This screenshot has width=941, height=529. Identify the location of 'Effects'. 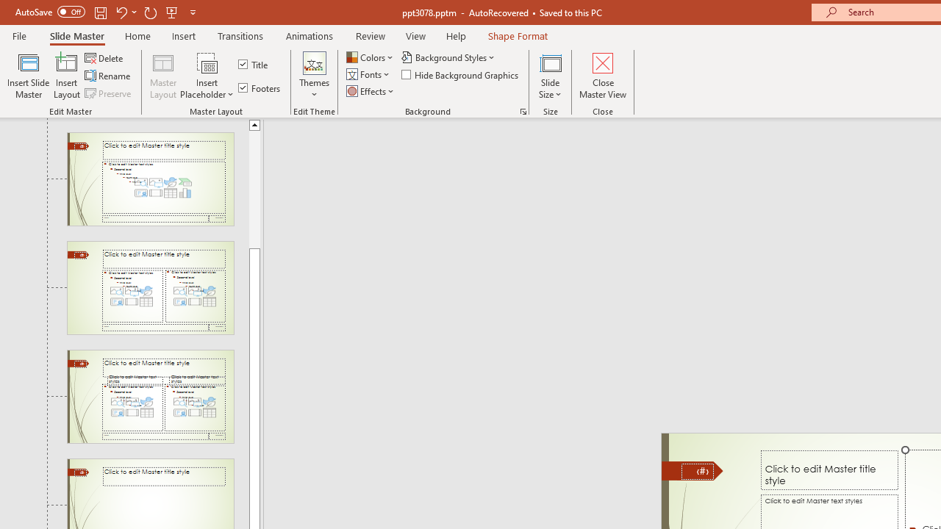
(371, 91).